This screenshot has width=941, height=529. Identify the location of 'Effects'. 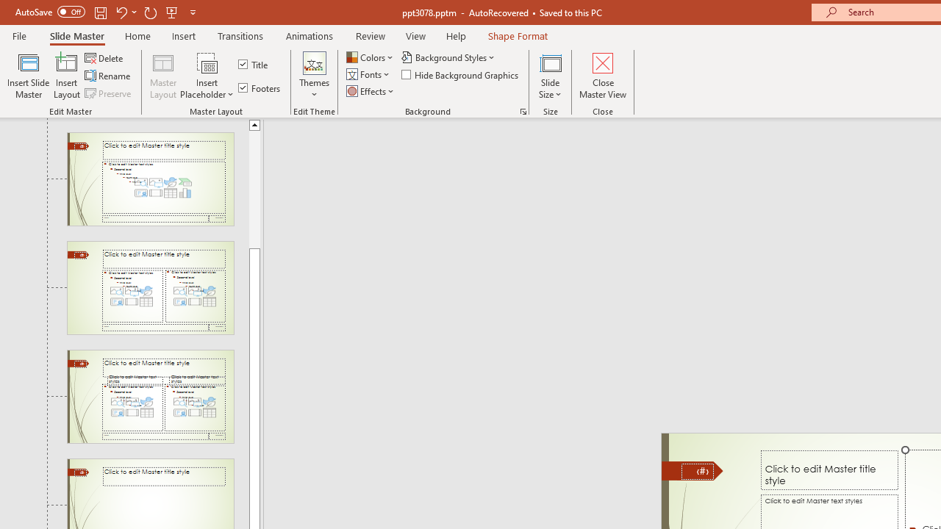
(371, 91).